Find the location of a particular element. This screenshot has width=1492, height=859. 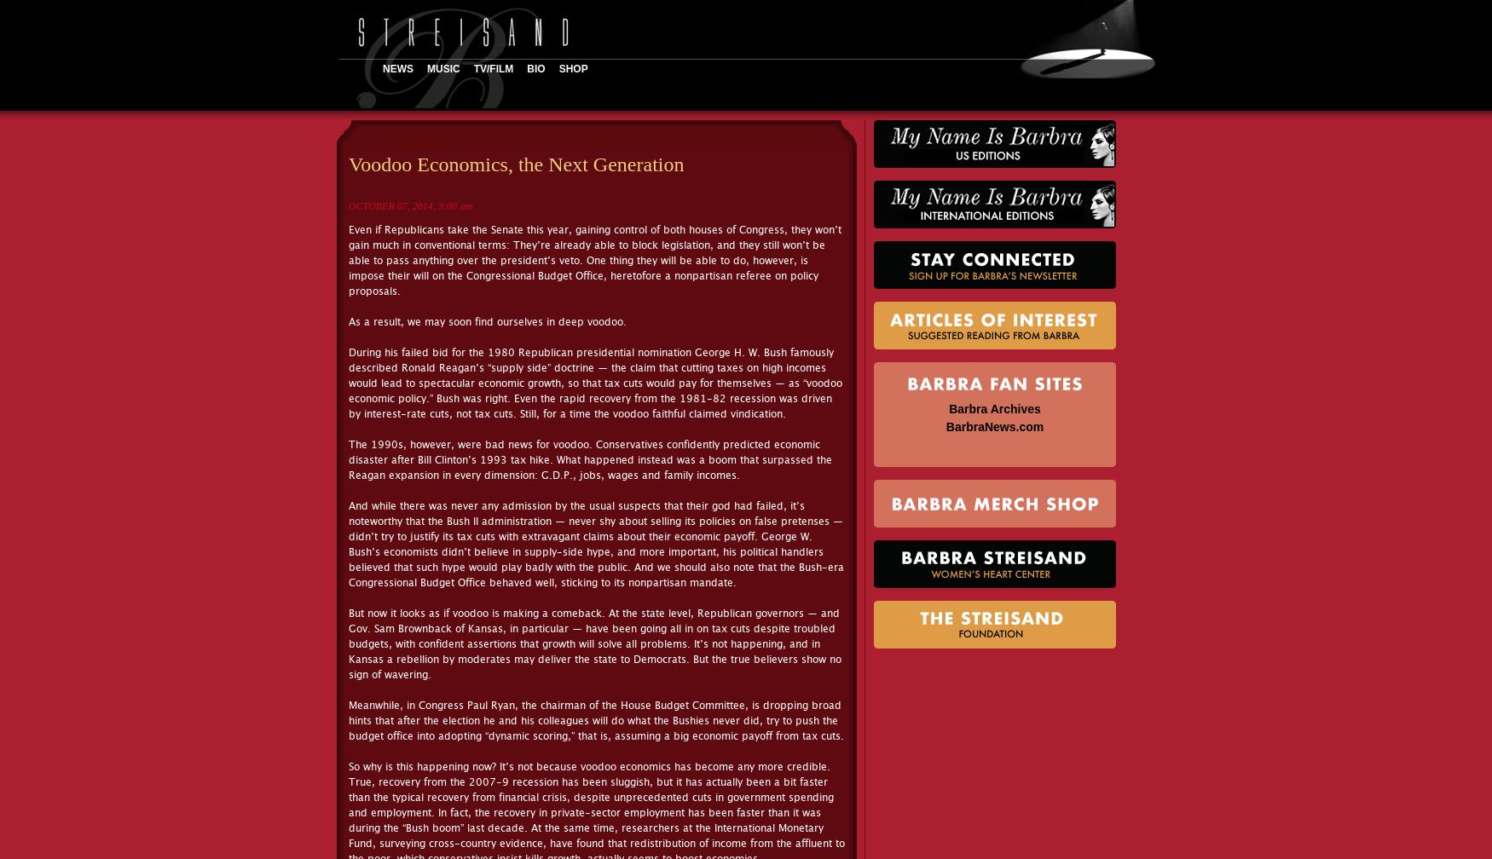

'Music' is located at coordinates (426, 69).